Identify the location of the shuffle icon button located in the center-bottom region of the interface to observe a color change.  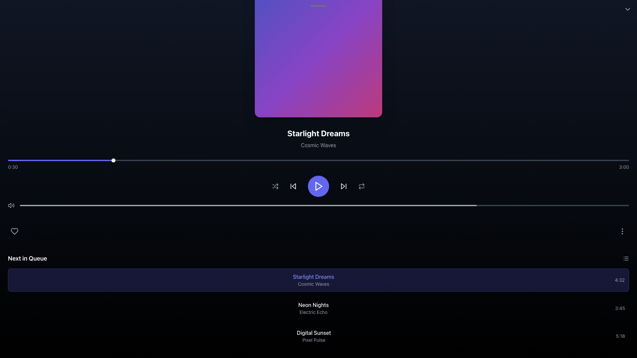
(275, 186).